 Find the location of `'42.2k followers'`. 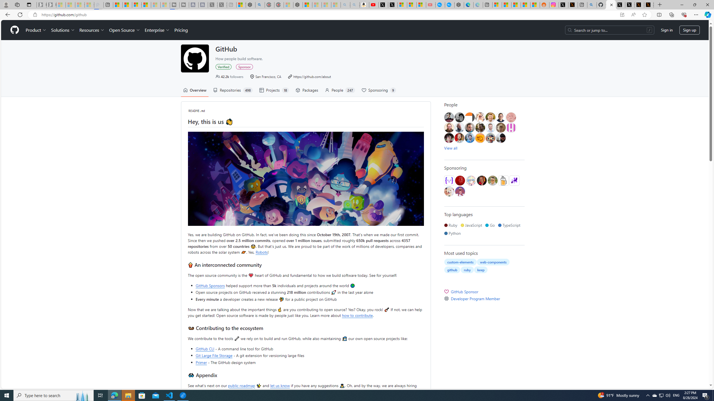

'42.2k followers' is located at coordinates (230, 77).